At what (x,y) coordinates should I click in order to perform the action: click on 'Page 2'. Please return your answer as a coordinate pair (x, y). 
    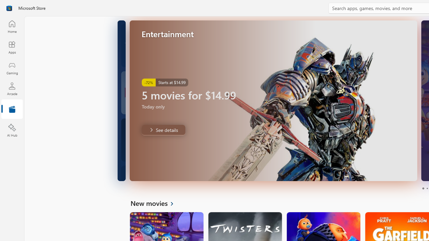
    Looking at the image, I should click on (427, 188).